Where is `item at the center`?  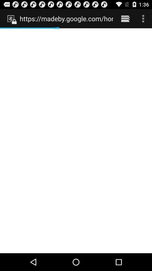
item at the center is located at coordinates (76, 140).